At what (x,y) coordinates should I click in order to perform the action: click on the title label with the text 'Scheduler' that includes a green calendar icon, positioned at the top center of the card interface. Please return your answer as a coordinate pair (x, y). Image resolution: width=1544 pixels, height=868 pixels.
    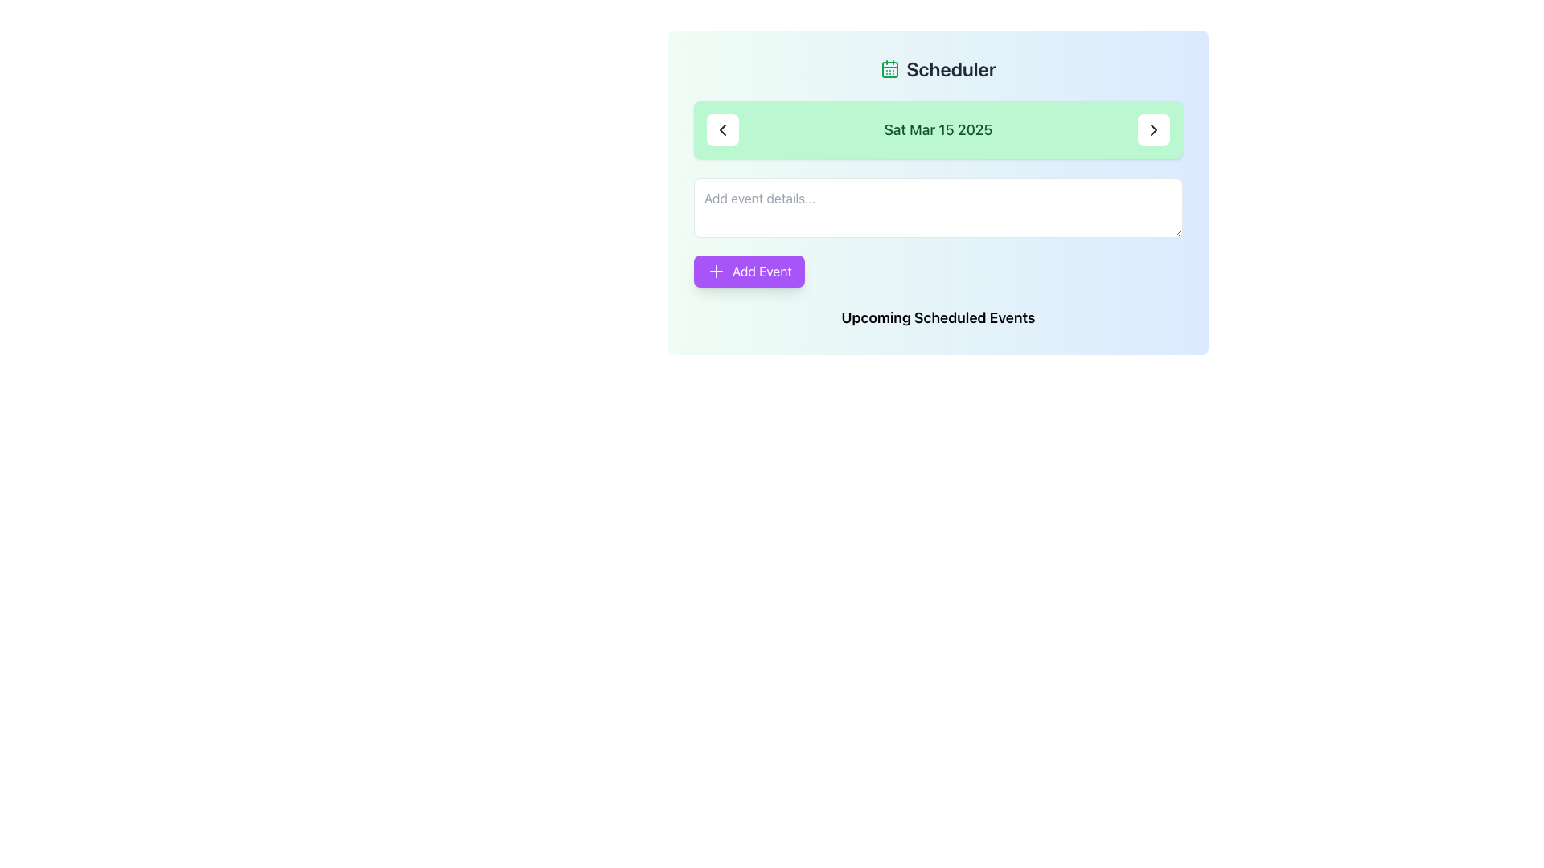
    Looking at the image, I should click on (938, 68).